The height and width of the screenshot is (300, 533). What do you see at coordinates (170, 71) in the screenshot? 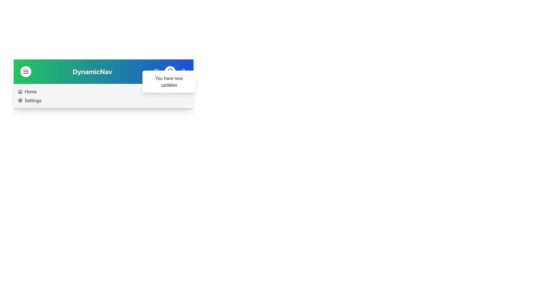
I see `the circular notification button with a bell icon located in the top-right corner of the navigation bar` at bounding box center [170, 71].